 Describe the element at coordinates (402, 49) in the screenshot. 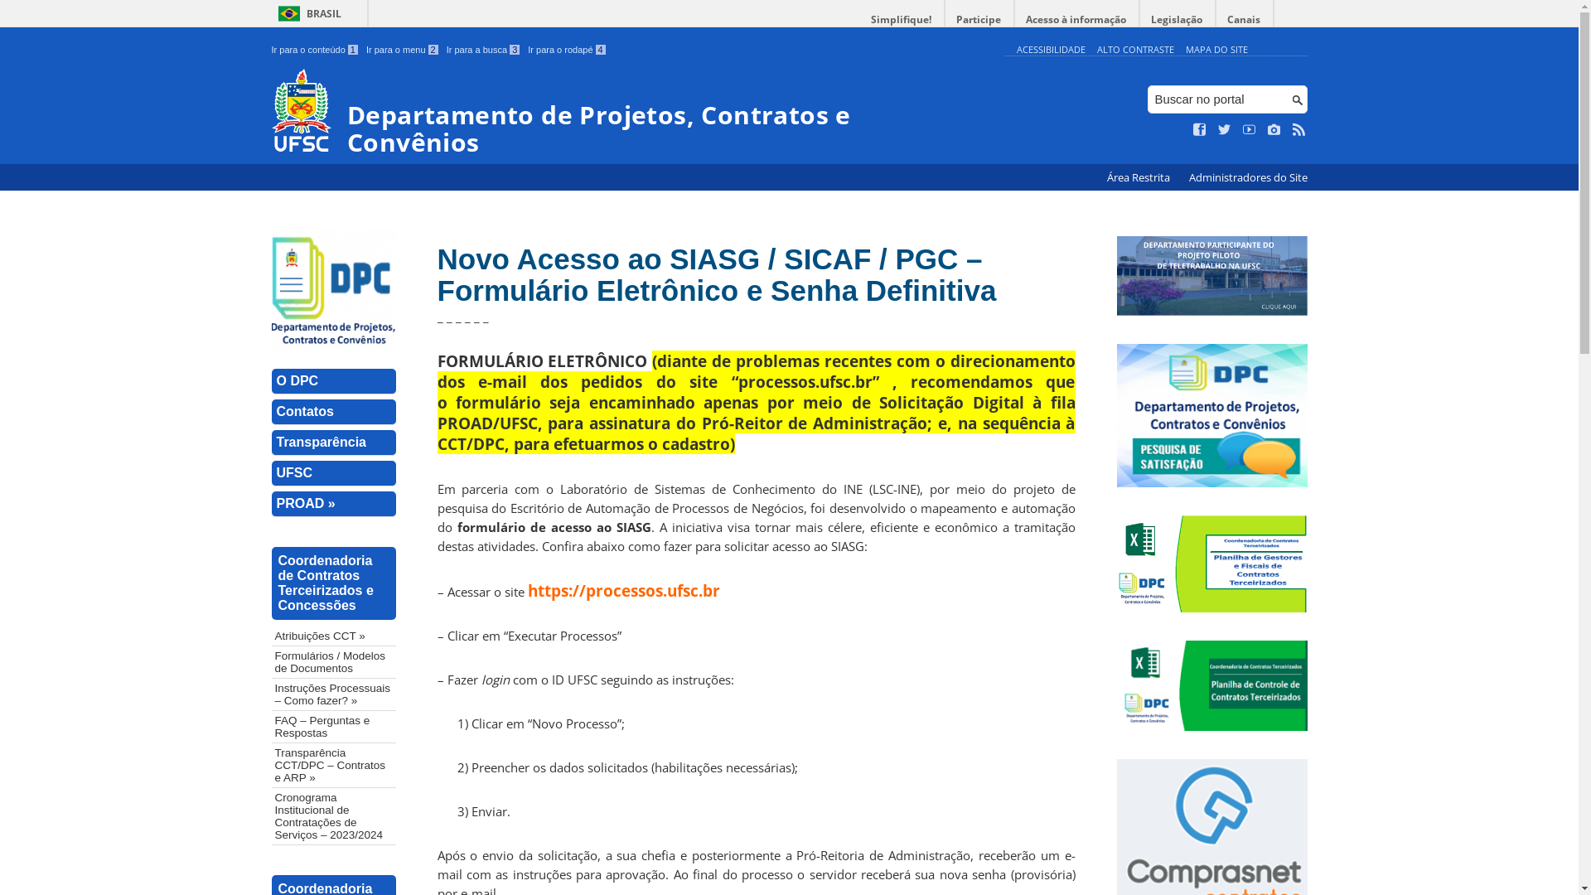

I see `'Ir para o menu 2'` at that location.